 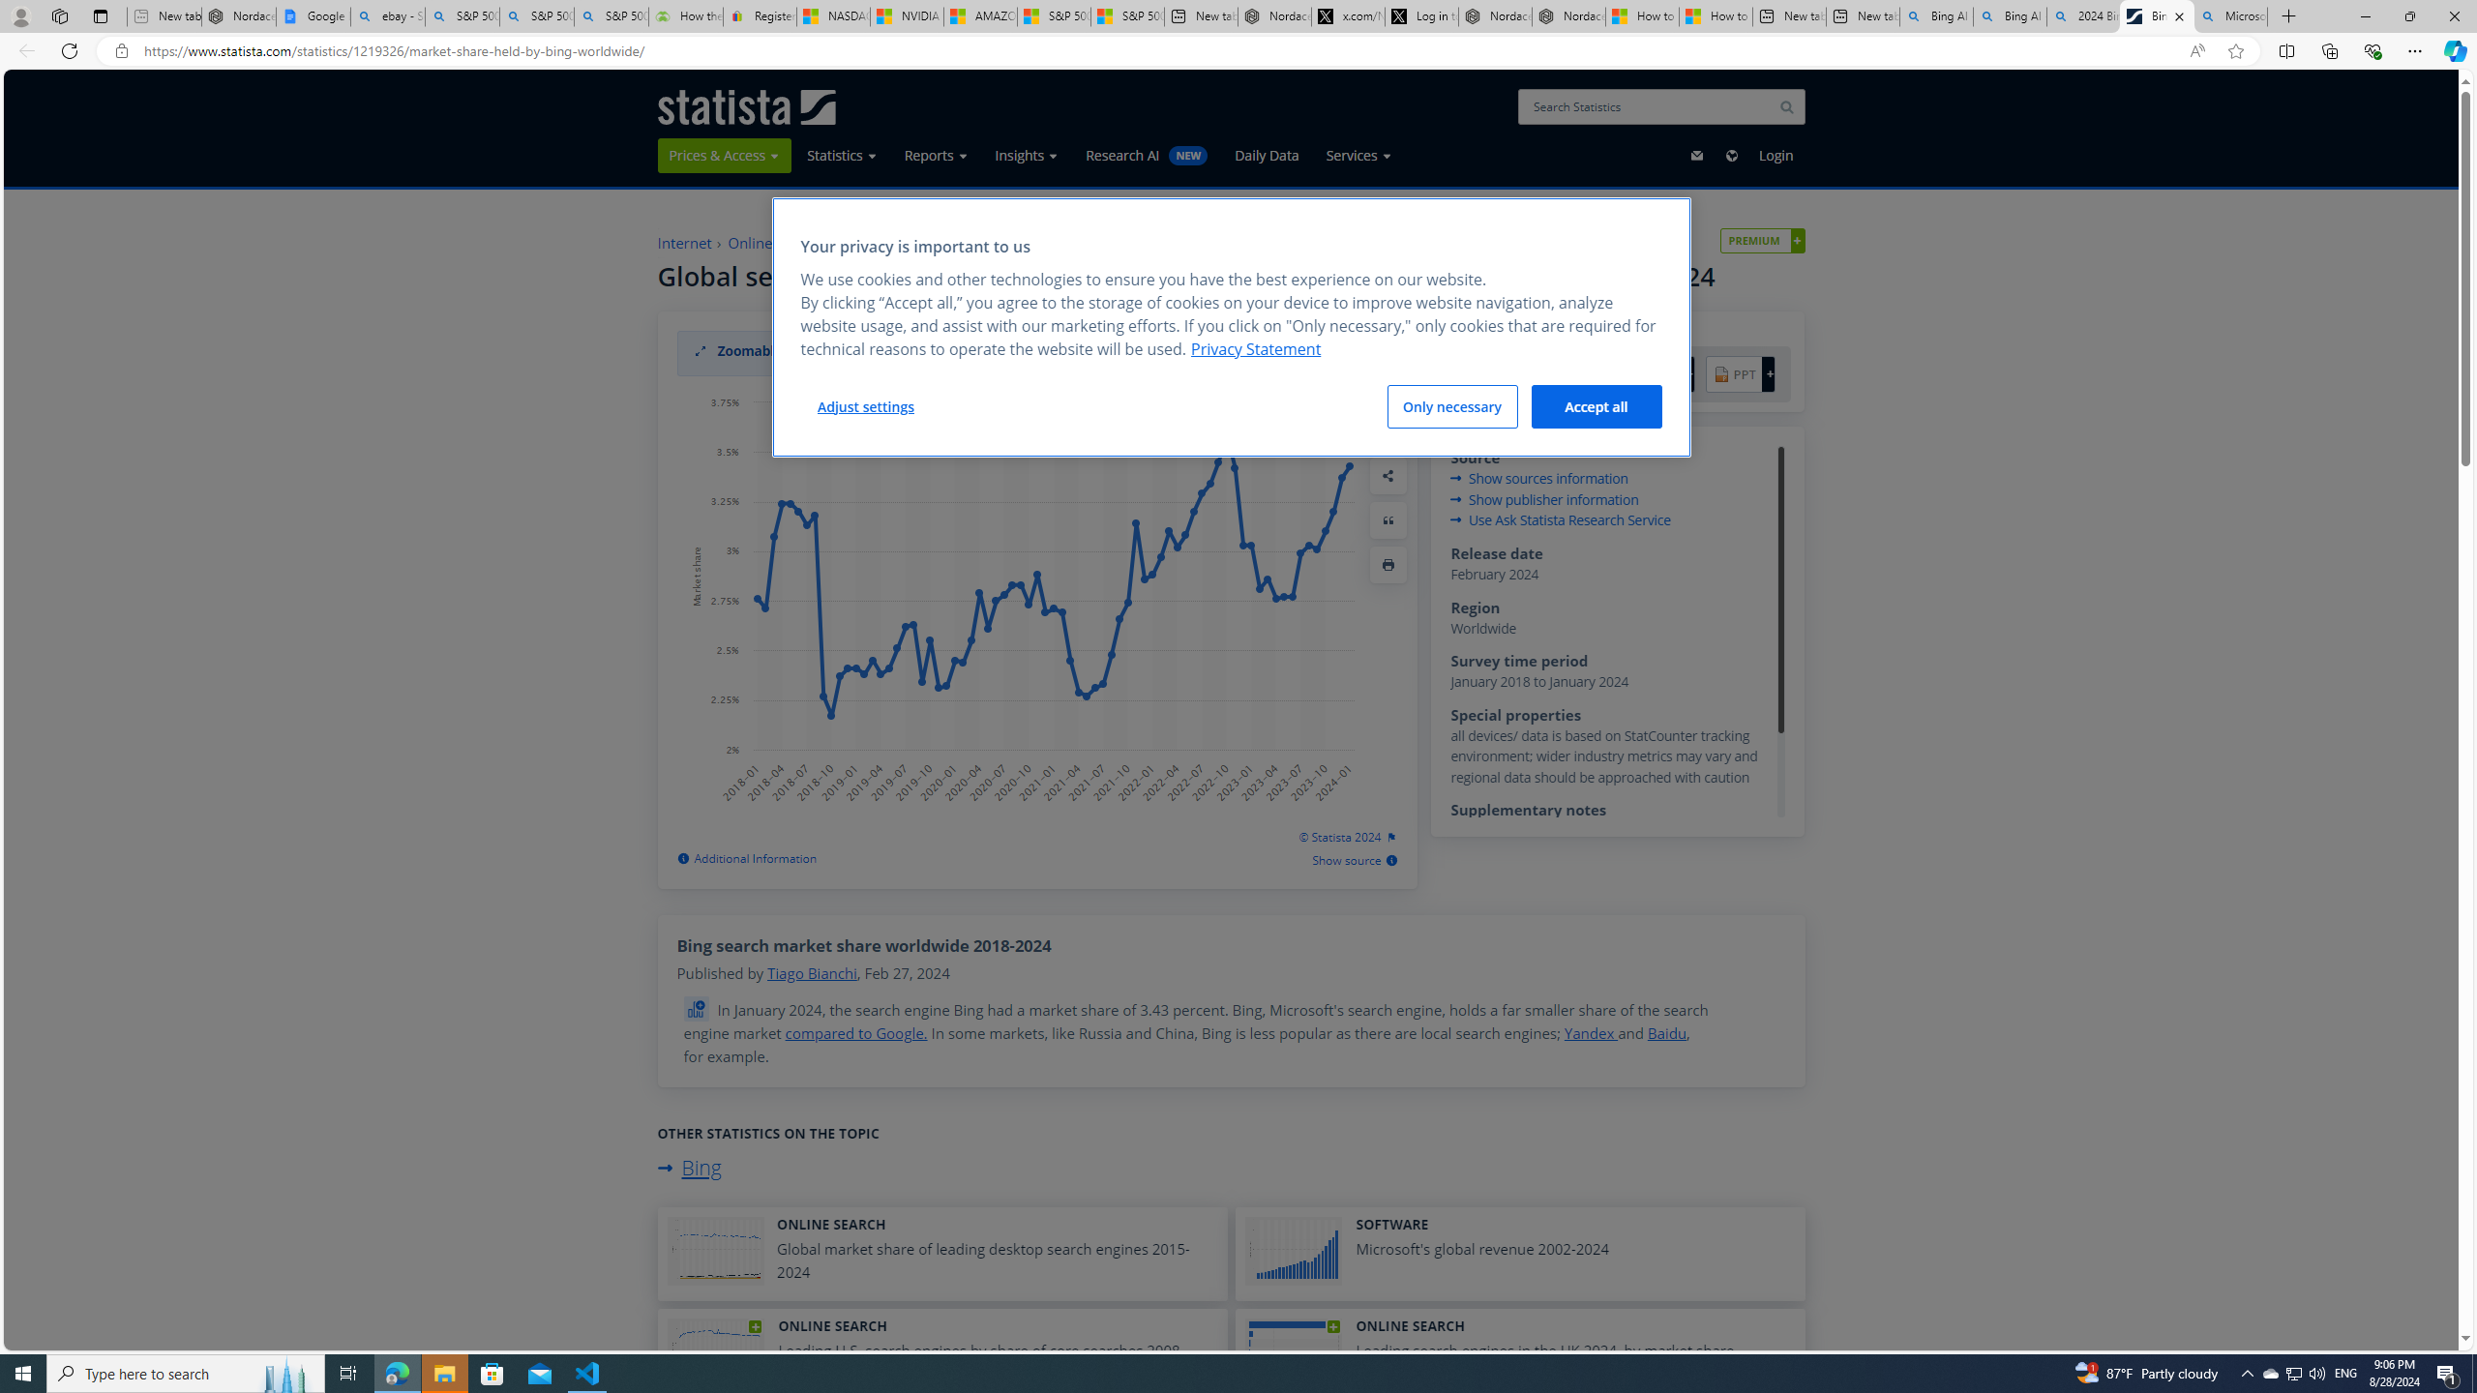 What do you see at coordinates (759, 15) in the screenshot?
I see `'Register: Create a personal eBay account'` at bounding box center [759, 15].